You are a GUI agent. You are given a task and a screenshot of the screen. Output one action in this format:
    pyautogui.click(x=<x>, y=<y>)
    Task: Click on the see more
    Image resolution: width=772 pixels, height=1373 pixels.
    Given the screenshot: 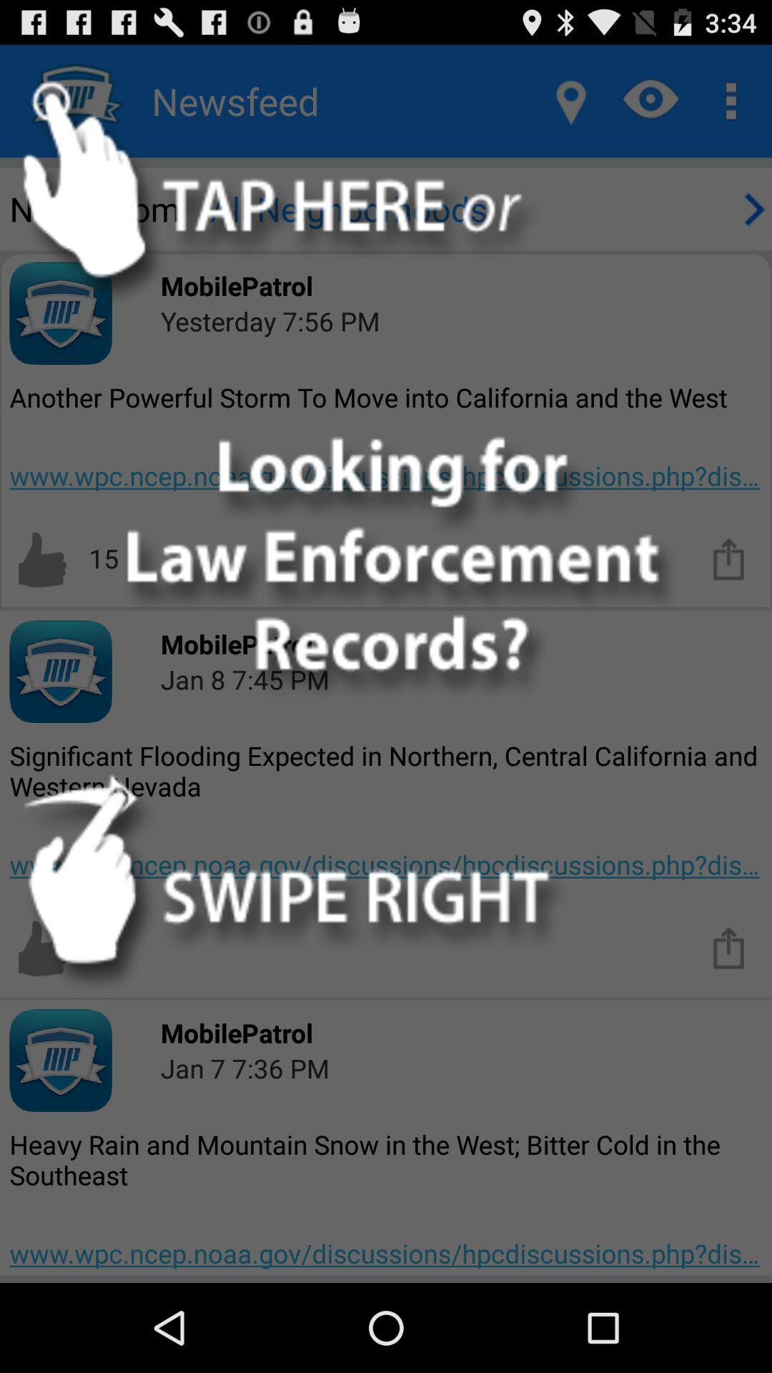 What is the action you would take?
    pyautogui.click(x=729, y=557)
    